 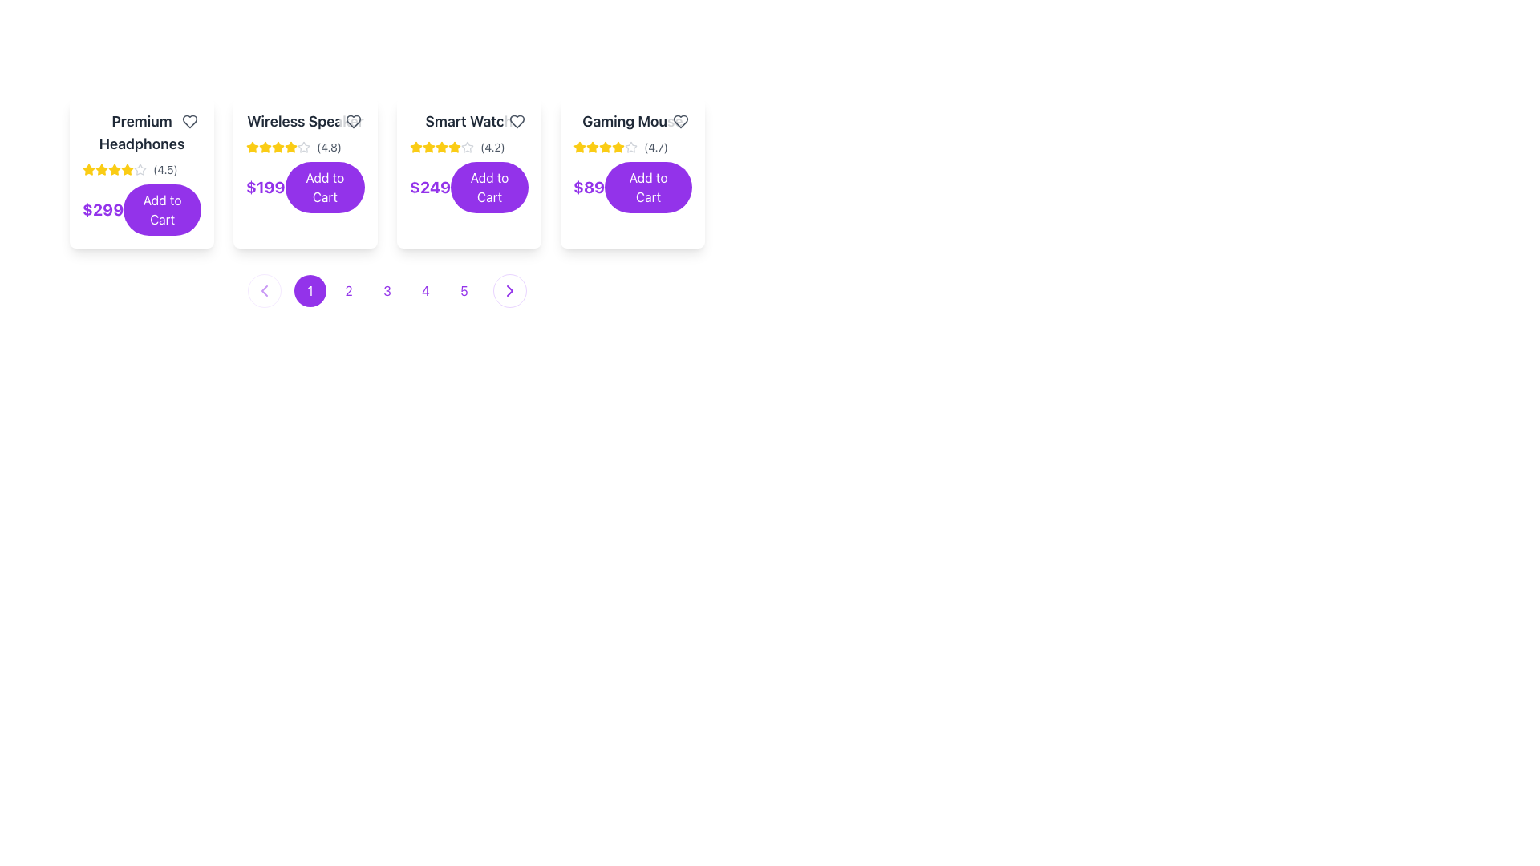 I want to click on the text label displaying the numerical rating of the 'Smart Watch' item, so click(x=492, y=148).